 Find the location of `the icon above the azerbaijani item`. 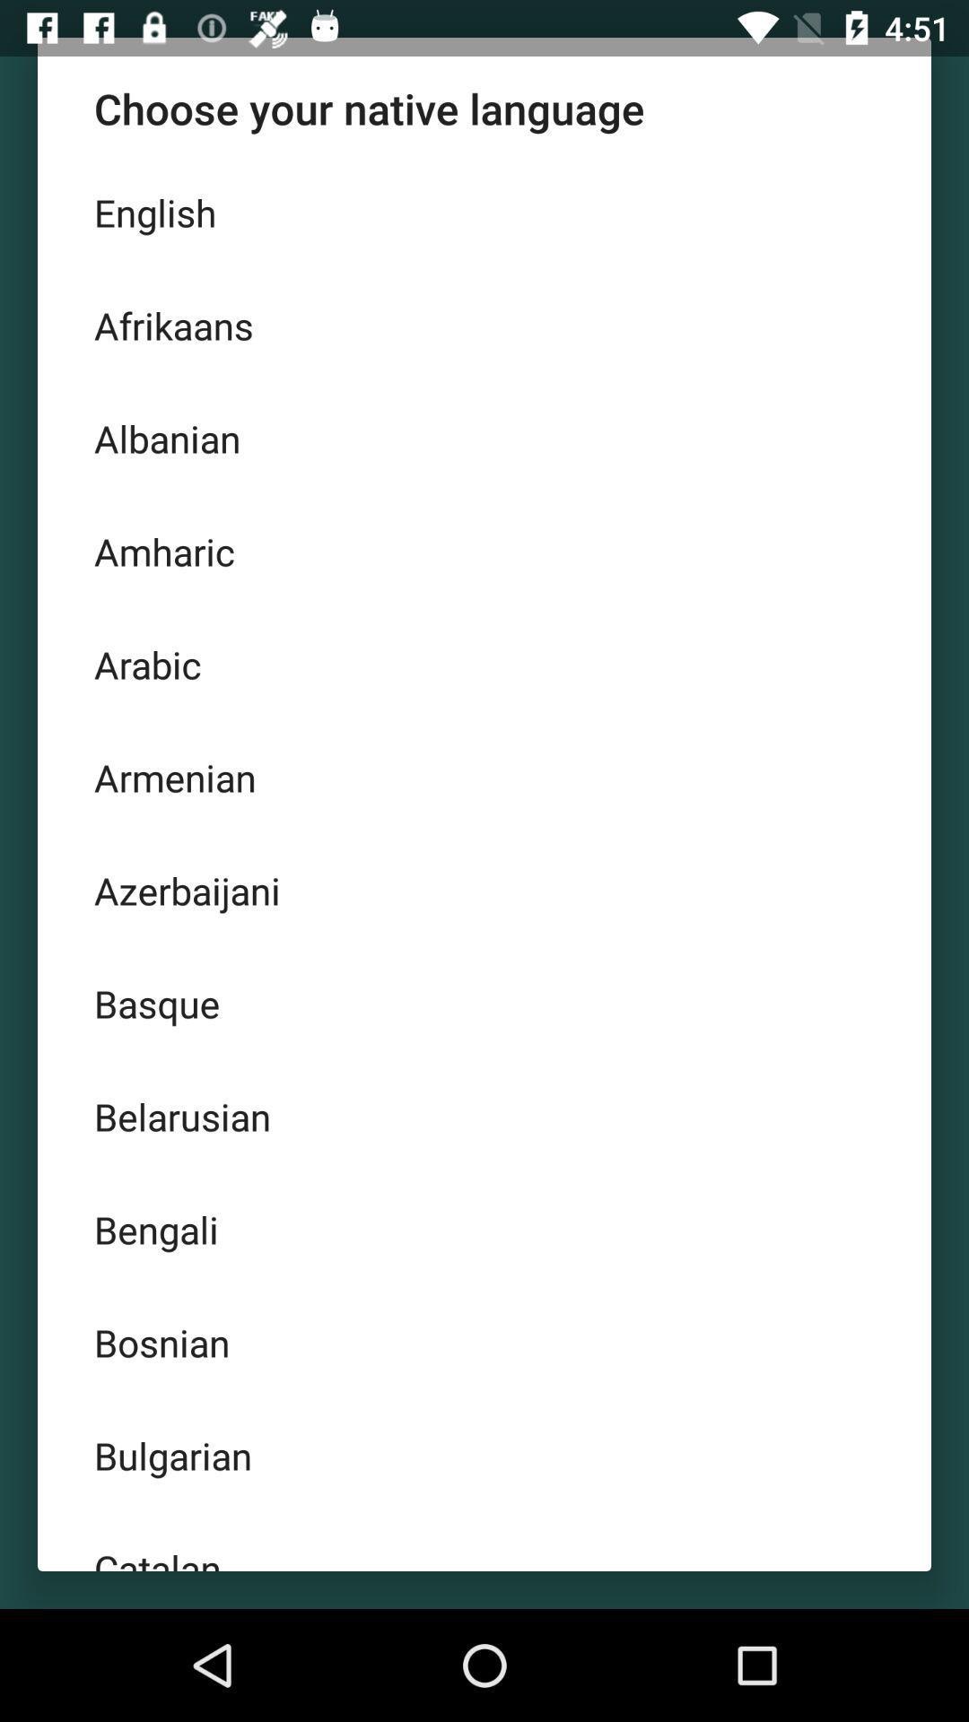

the icon above the azerbaijani item is located at coordinates (484, 778).